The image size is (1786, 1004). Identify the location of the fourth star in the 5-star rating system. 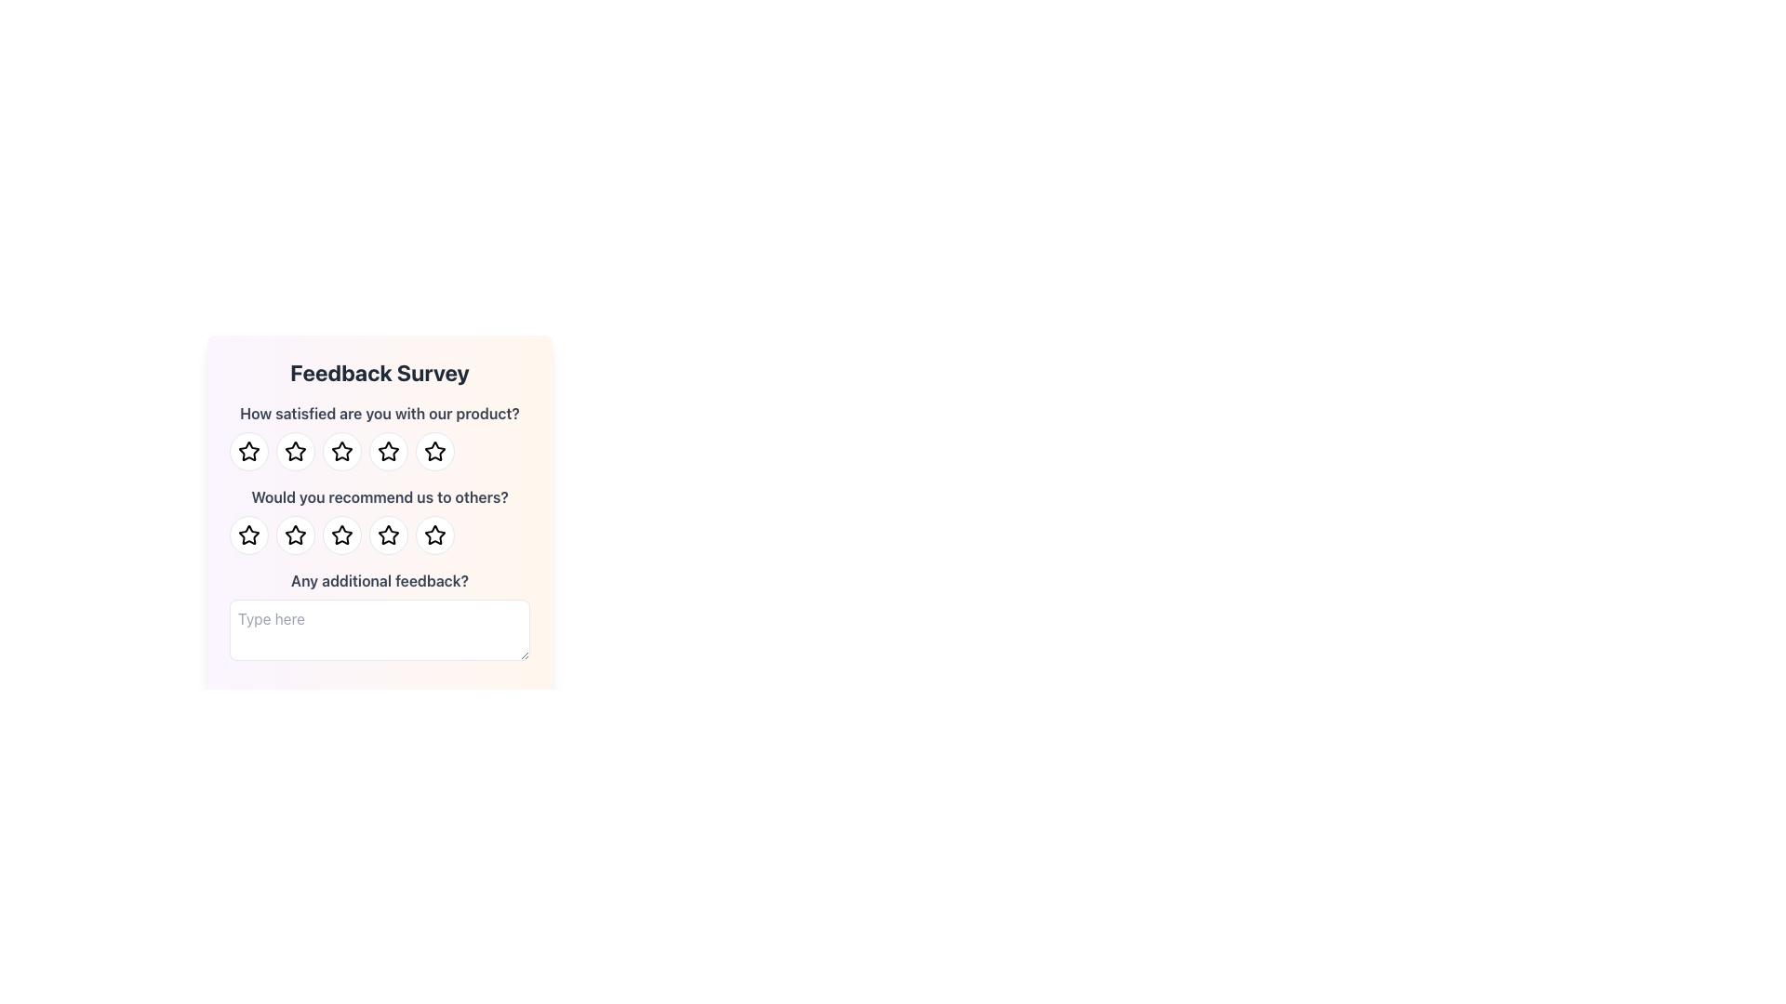
(387, 535).